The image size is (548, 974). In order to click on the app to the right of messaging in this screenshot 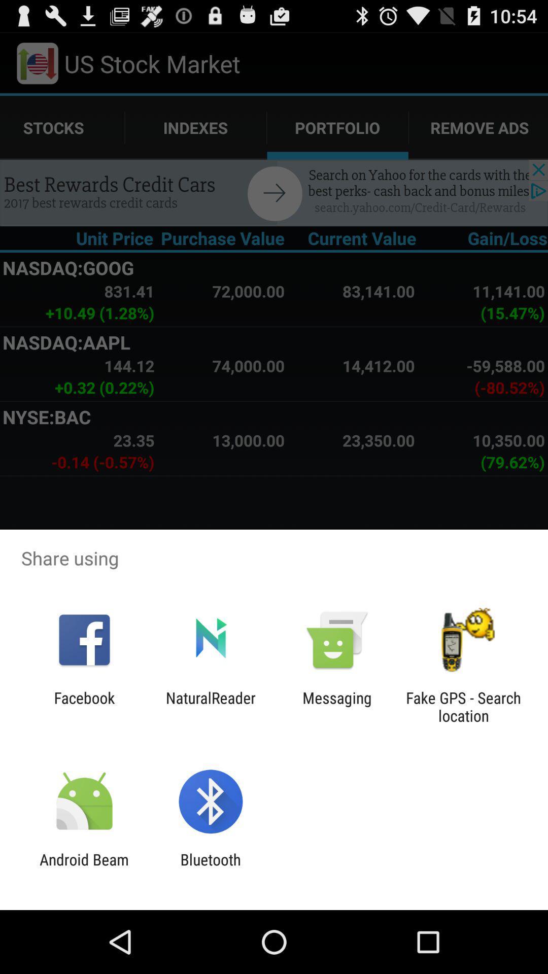, I will do `click(463, 706)`.